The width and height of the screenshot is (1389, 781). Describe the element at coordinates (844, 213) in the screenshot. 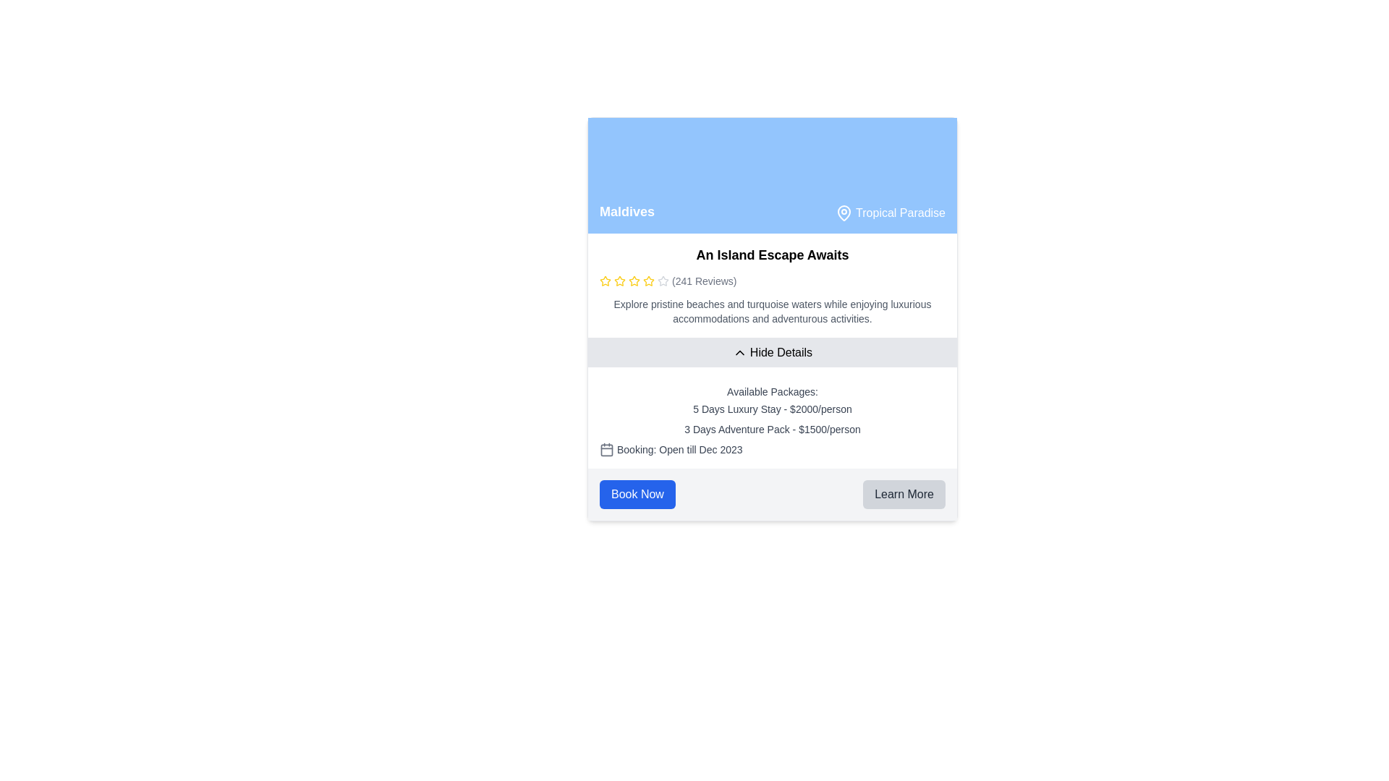

I see `the geographical location icon located at the top-right corner of the blue header section, preceding the 'Tropical Paradise' text` at that location.